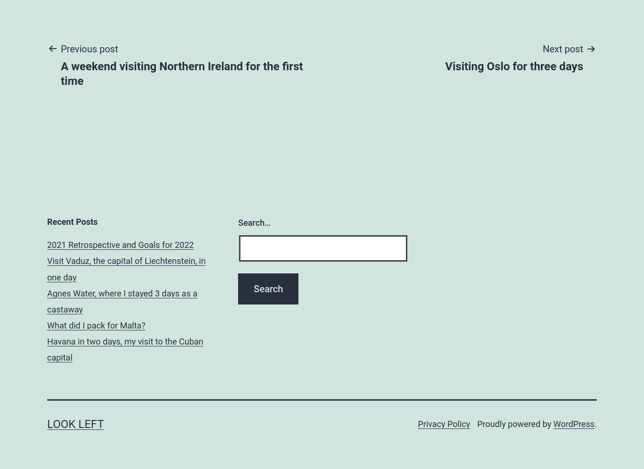 The height and width of the screenshot is (469, 644). What do you see at coordinates (122, 301) in the screenshot?
I see `'Agnes Water, where I stayed 3 days as a castaway'` at bounding box center [122, 301].